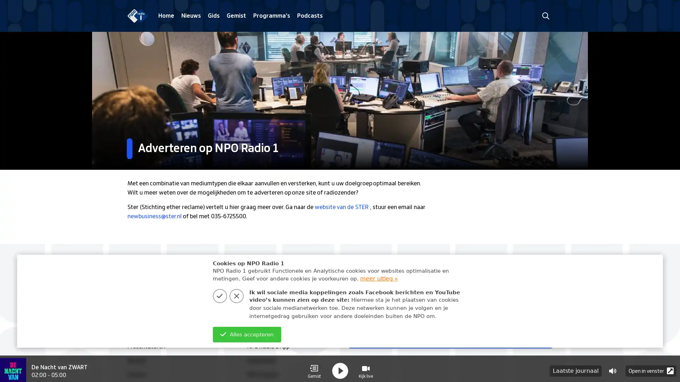 This screenshot has height=382, width=680. What do you see at coordinates (542, 337) in the screenshot?
I see `AnchorChevron` at bounding box center [542, 337].